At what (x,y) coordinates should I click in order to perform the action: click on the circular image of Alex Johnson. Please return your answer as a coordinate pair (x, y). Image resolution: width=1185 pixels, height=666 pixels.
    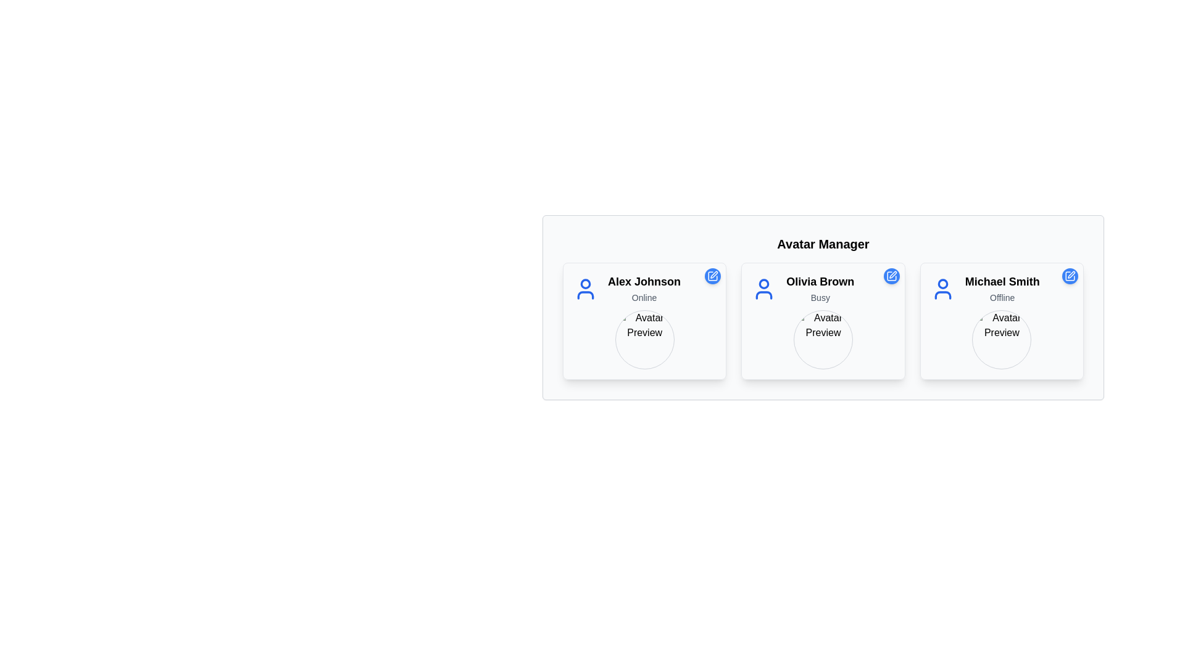
    Looking at the image, I should click on (644, 340).